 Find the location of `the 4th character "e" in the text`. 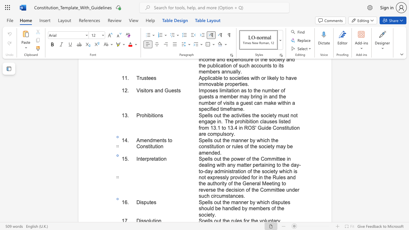

the 4th character "e" in the text is located at coordinates (286, 202).